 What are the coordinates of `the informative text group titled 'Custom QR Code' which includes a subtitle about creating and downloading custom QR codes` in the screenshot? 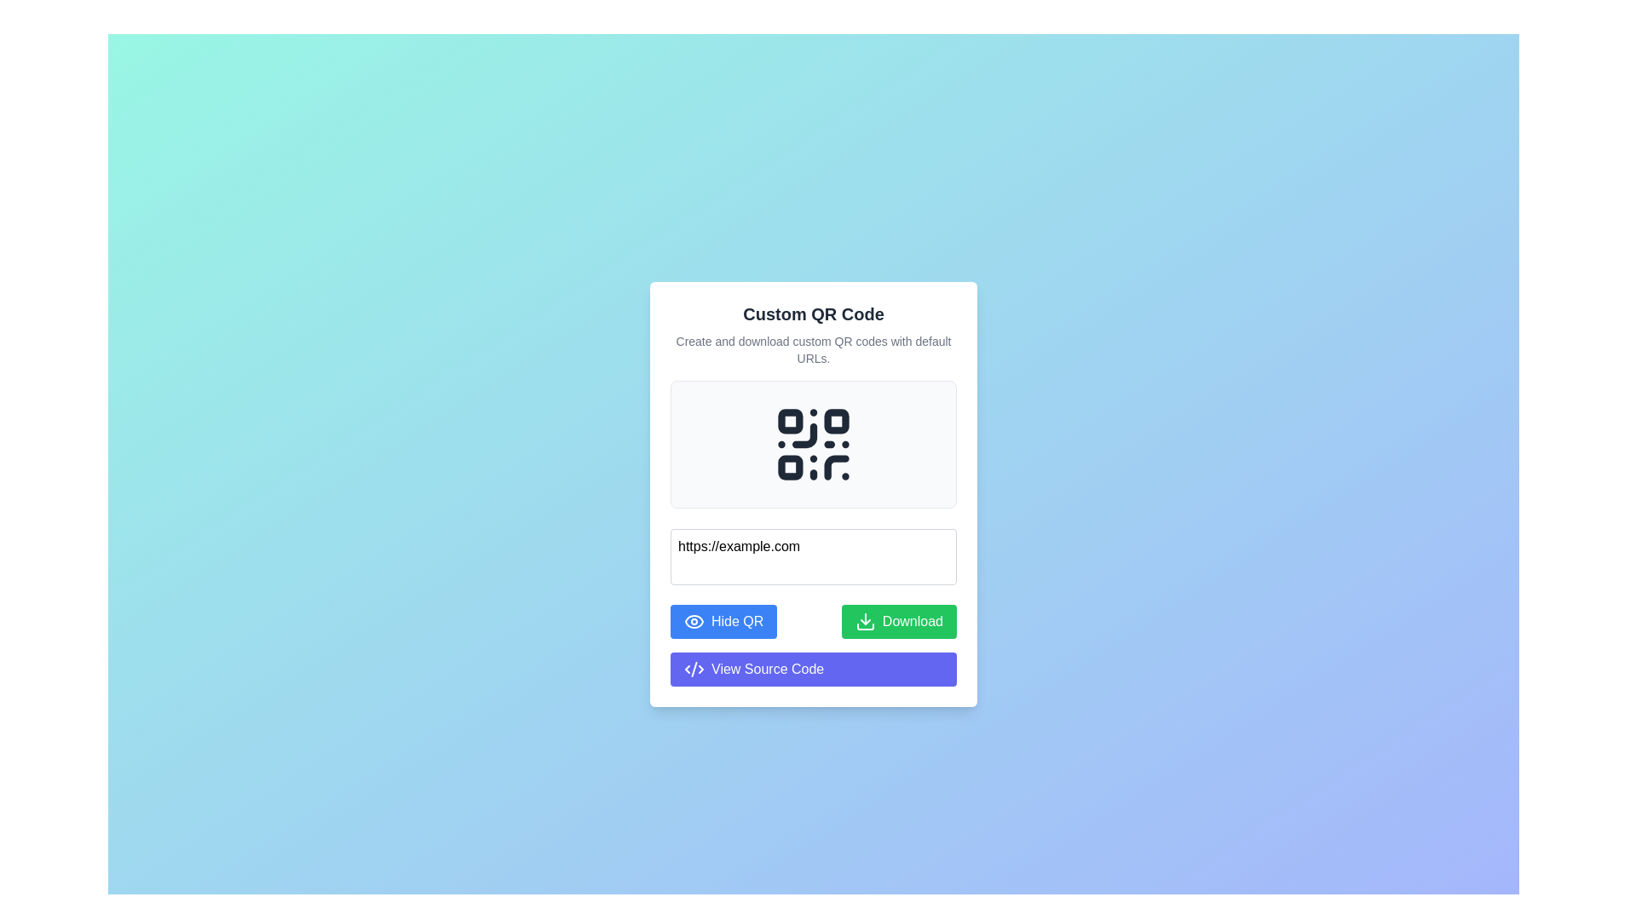 It's located at (813, 334).